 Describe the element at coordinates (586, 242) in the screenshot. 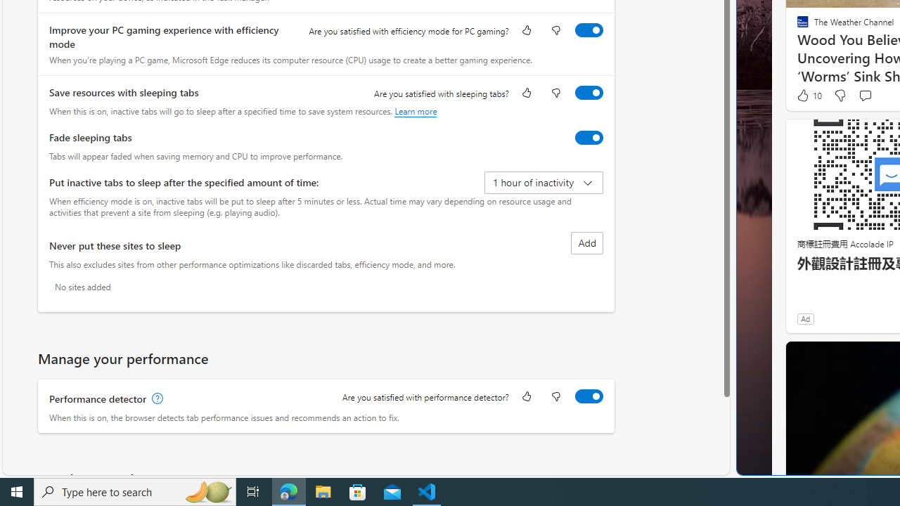

I see `'Add site to never put these sites to sleep list'` at that location.